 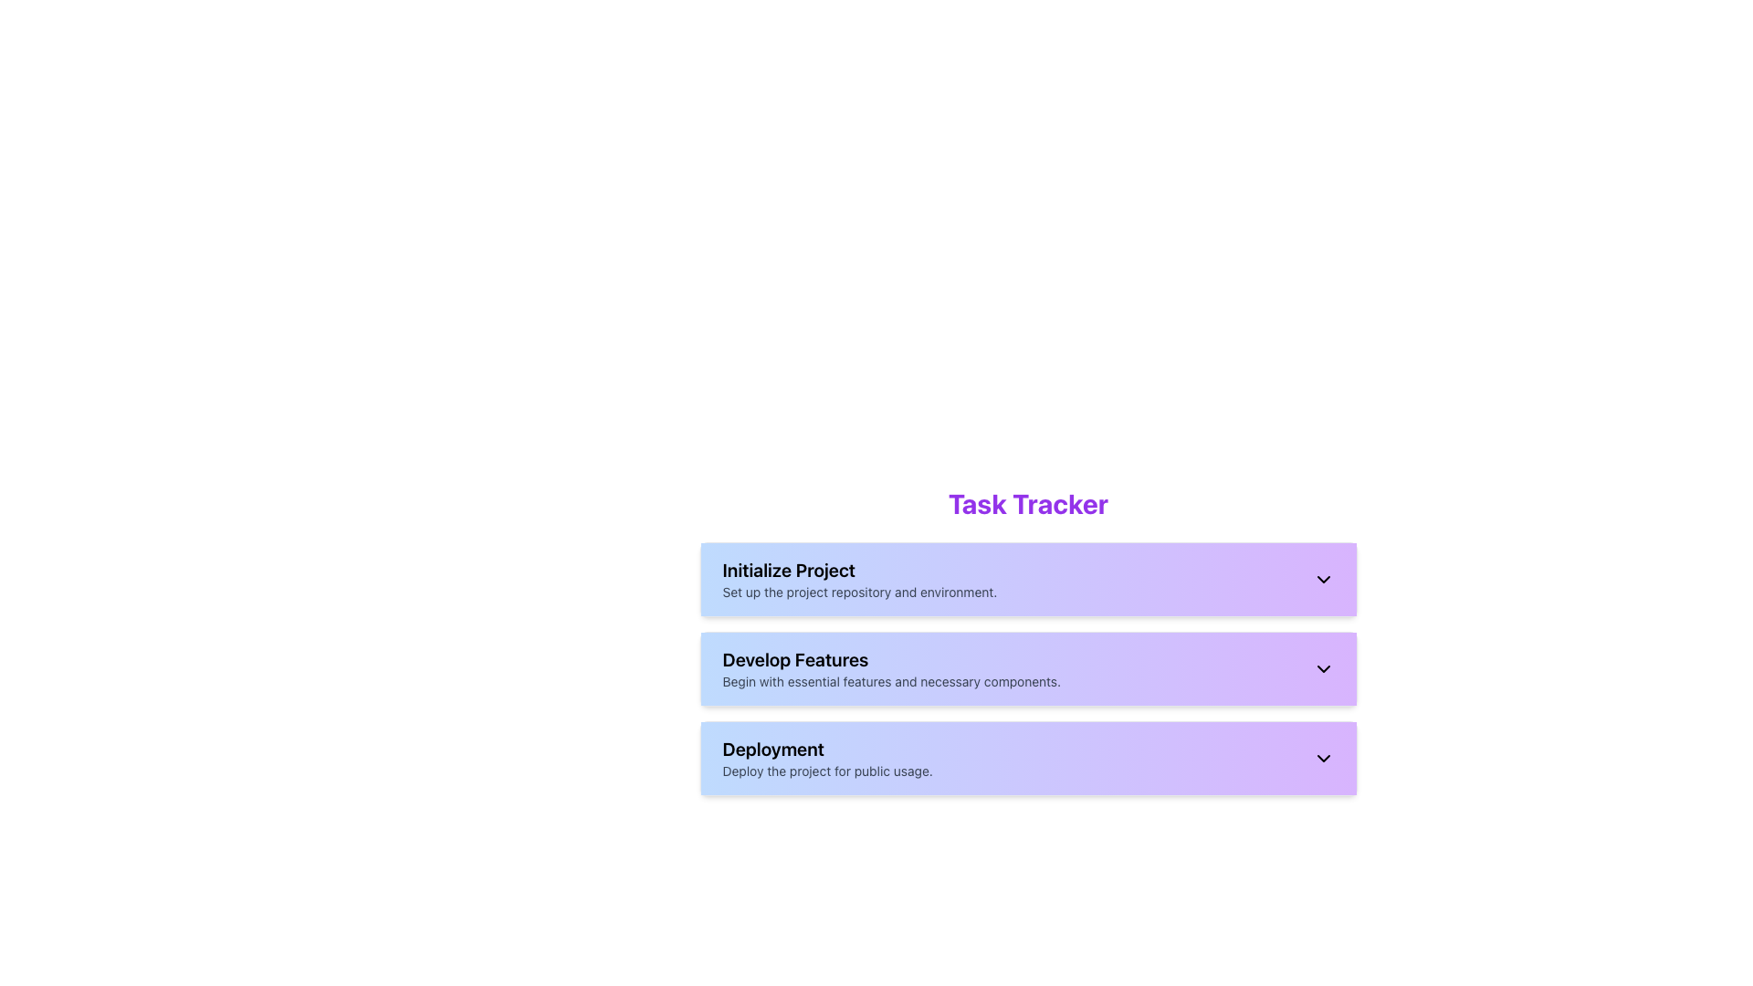 I want to click on the Toggleable section header for 'Develop Features' which is the second item in a vertical list, positioned centrally between 'Initialize Project' and 'Deployment', so click(x=1028, y=668).